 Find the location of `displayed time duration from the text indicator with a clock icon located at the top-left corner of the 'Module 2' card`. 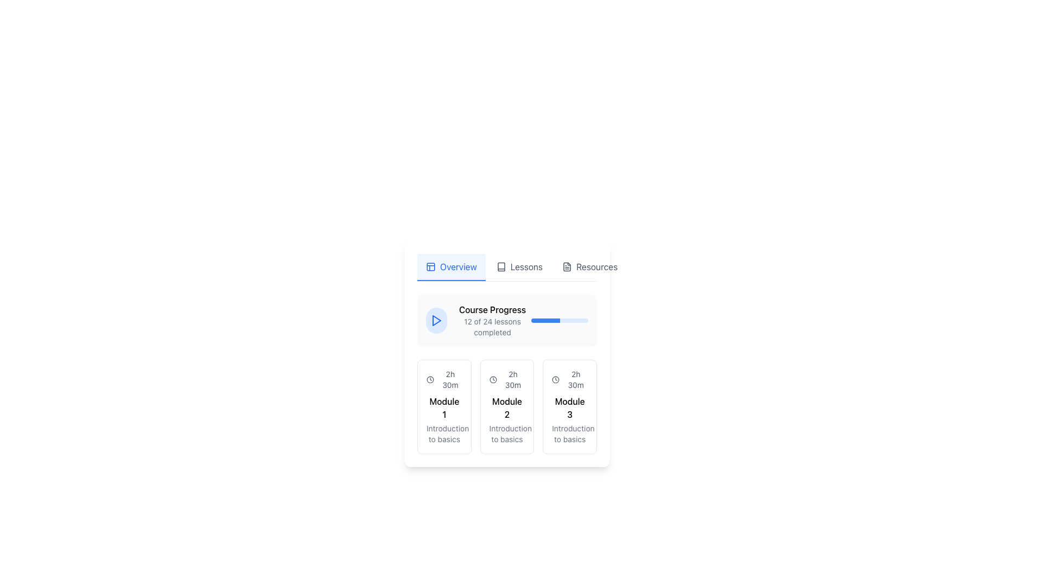

displayed time duration from the text indicator with a clock icon located at the top-left corner of the 'Module 2' card is located at coordinates (506, 379).